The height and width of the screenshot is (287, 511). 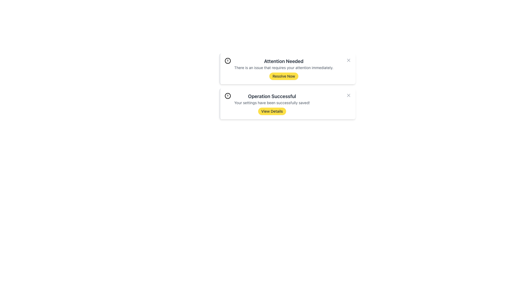 I want to click on the static text element that displays the message 'Your settings have been successfully saved!' located within the notification card below the header 'Operation Successful', so click(x=272, y=103).